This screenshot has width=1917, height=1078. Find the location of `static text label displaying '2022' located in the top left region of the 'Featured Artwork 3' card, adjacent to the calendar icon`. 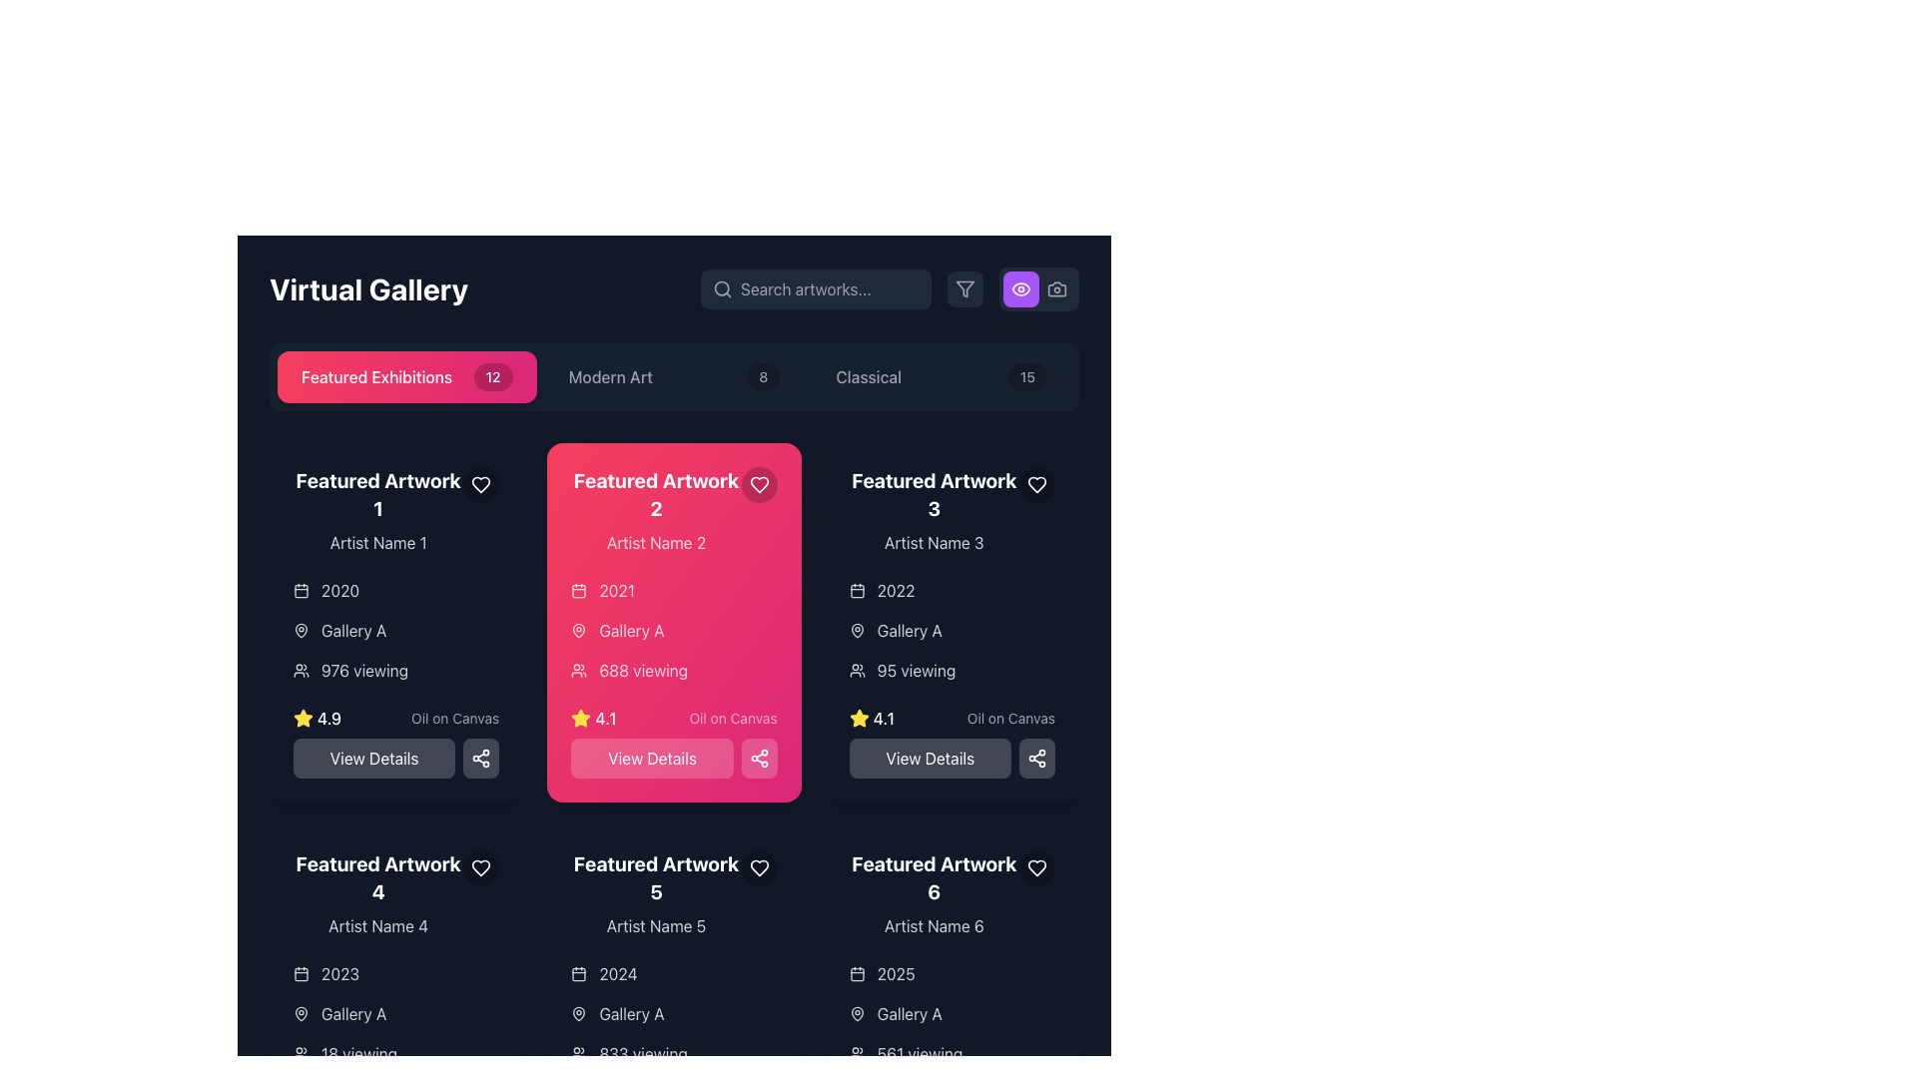

static text label displaying '2022' located in the top left region of the 'Featured Artwork 3' card, adjacent to the calendar icon is located at coordinates (895, 589).